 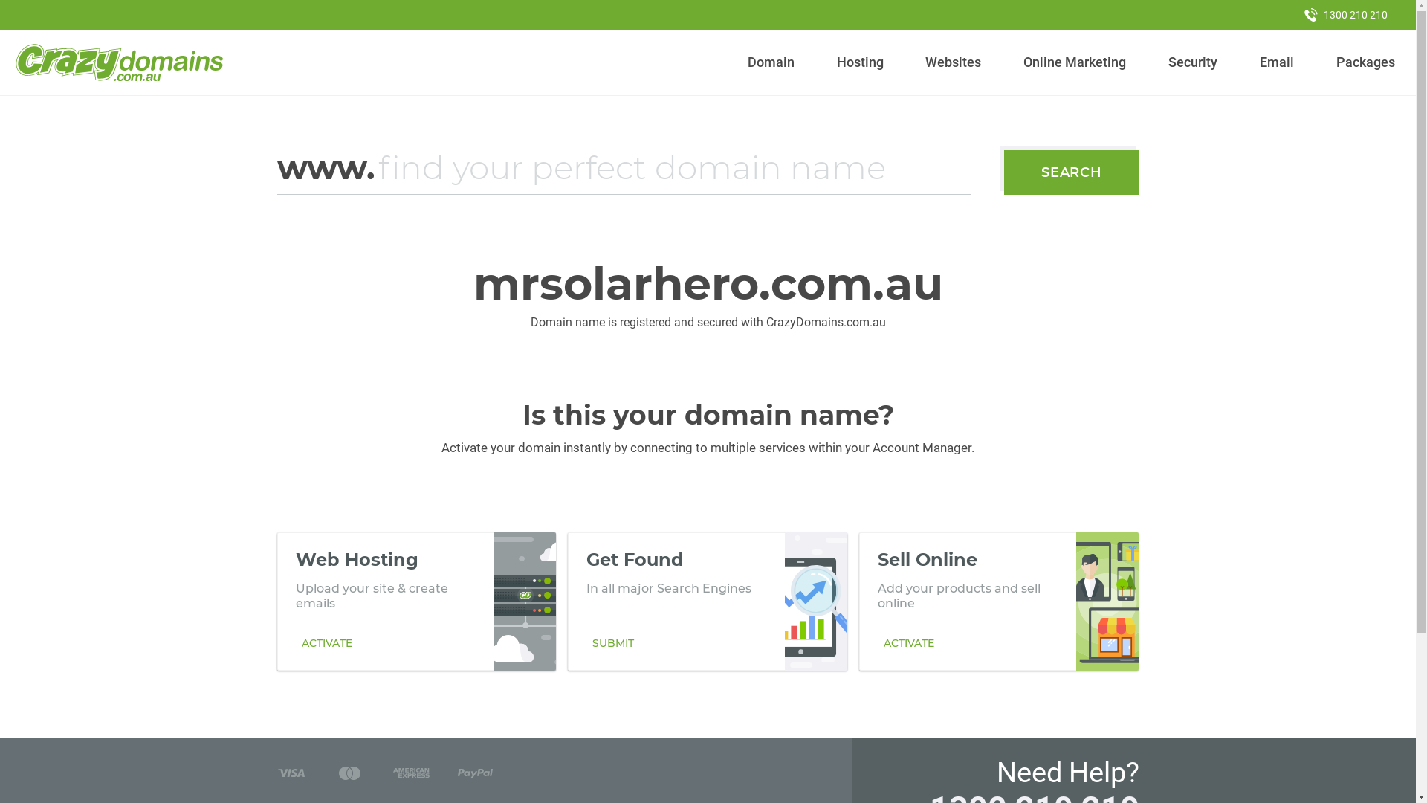 I want to click on '1300 210 210', so click(x=1345, y=14).